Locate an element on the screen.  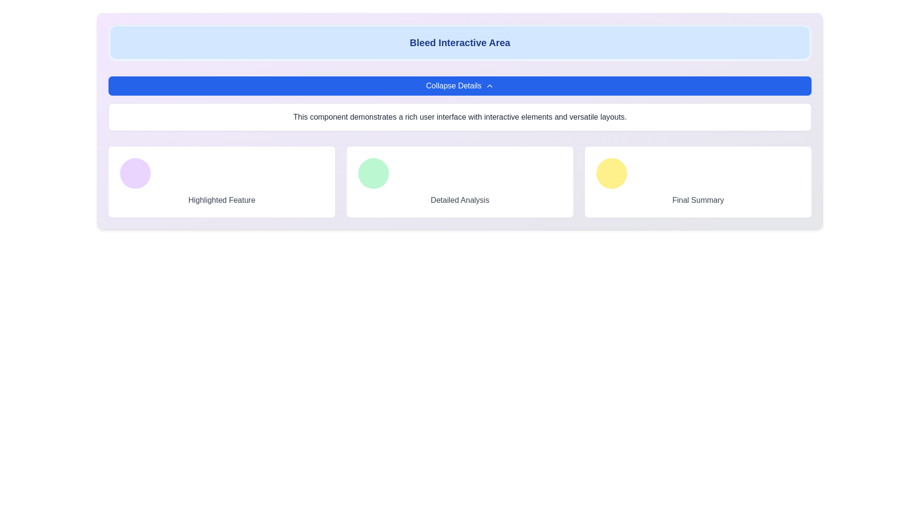
the Text Label situated at the bottom-right corner of the layout, which provides descriptive text content and is adjacent to a circular yellow icon is located at coordinates (698, 199).